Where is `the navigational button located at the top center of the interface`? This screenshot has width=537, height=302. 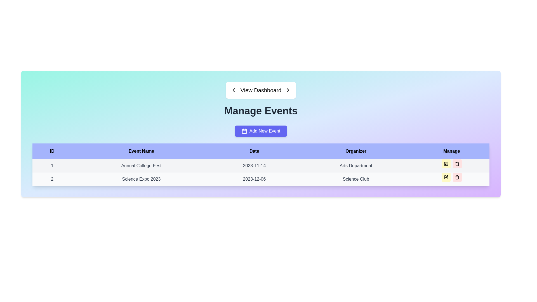
the navigational button located at the top center of the interface is located at coordinates (260, 90).